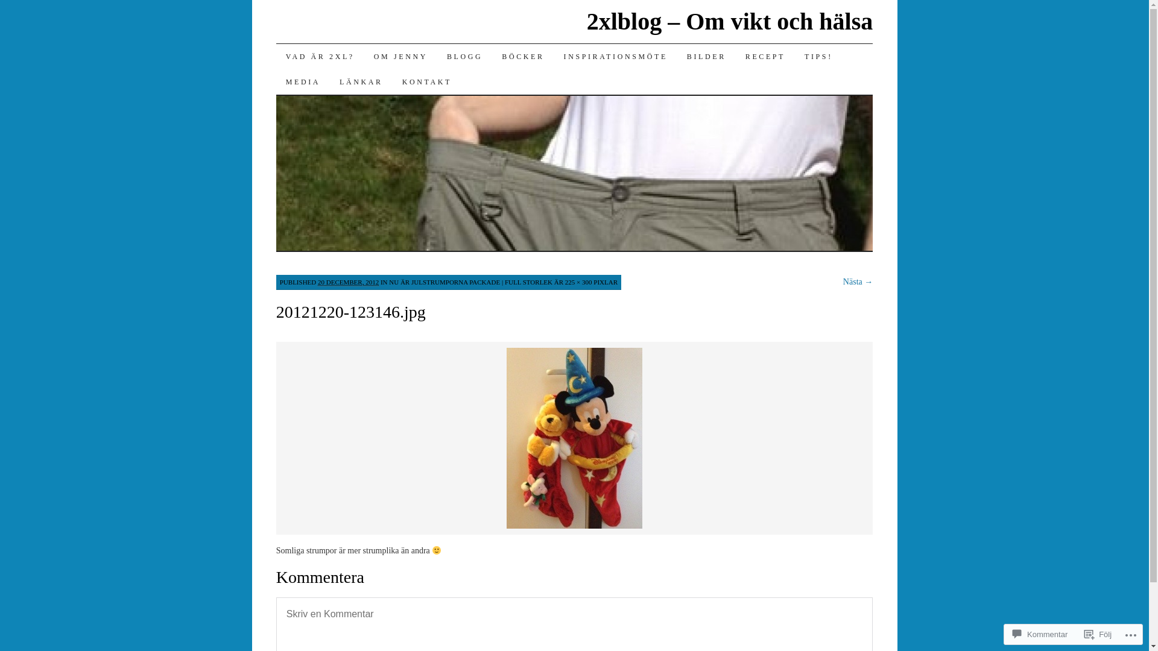 Image resolution: width=1158 pixels, height=651 pixels. I want to click on 'Kommentar', so click(1039, 634).